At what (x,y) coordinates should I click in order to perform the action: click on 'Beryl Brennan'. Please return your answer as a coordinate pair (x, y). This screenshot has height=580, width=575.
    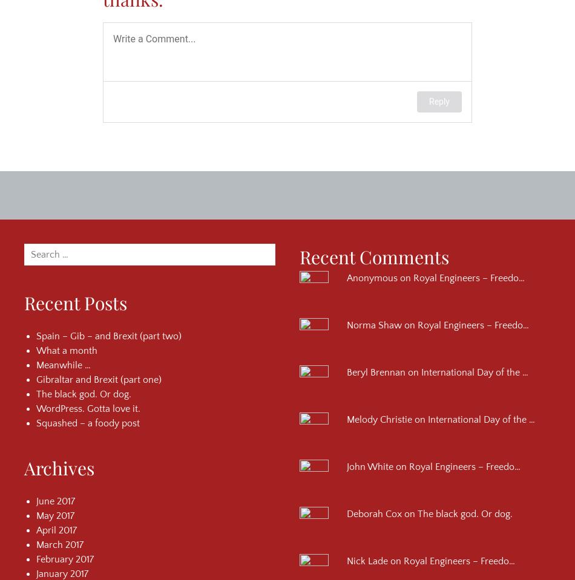
    Looking at the image, I should click on (376, 371).